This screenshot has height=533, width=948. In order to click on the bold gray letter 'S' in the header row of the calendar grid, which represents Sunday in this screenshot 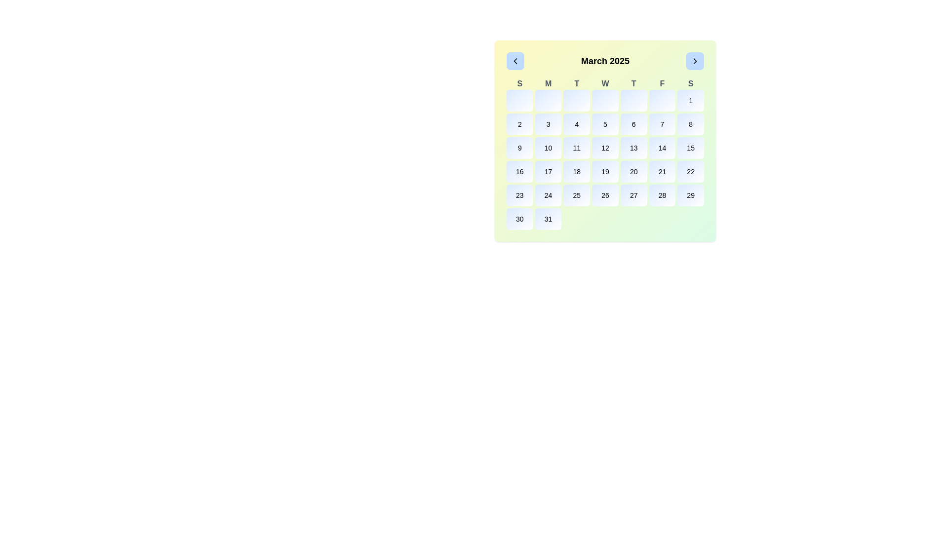, I will do `click(519, 83)`.